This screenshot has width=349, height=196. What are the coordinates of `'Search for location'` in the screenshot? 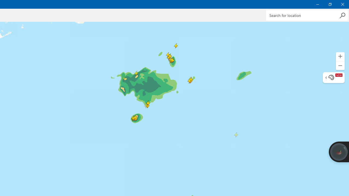 It's located at (307, 15).